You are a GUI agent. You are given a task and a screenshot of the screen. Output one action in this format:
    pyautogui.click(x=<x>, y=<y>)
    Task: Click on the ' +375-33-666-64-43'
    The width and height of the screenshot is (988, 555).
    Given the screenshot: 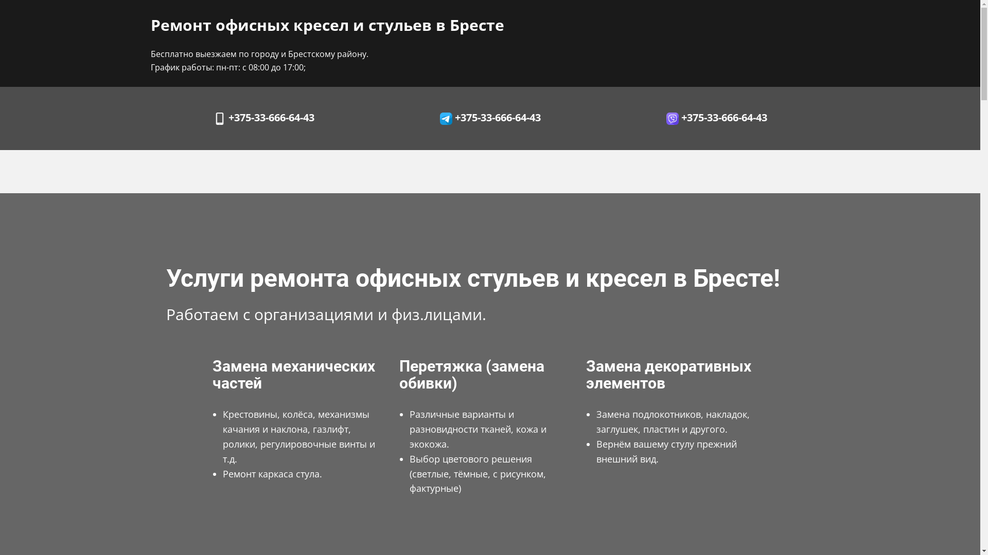 What is the action you would take?
    pyautogui.click(x=666, y=118)
    